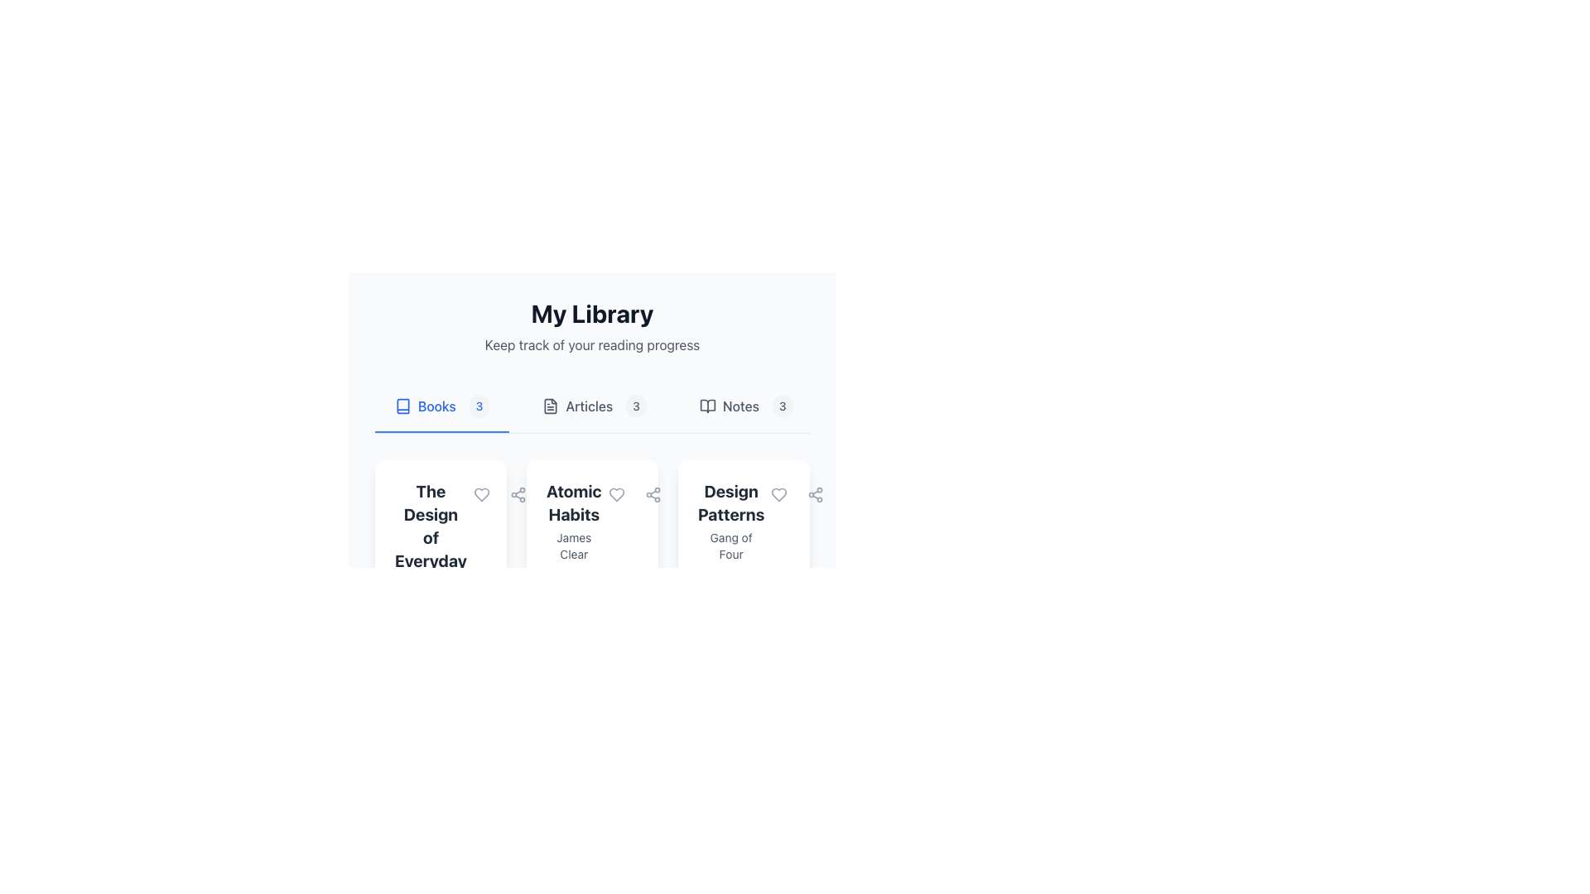 The height and width of the screenshot is (894, 1590). I want to click on the prominent Heading text that serves as the title for the section, indicating the context of the content below it, so click(592, 313).